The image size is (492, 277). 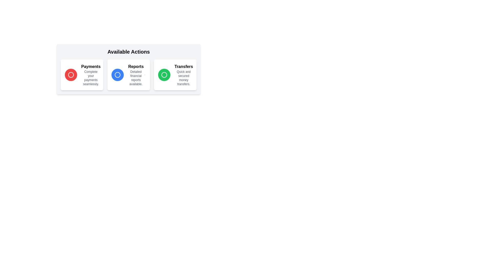 I want to click on the green circular button with a white border and a circular icon in its center, which represents the 'Transfers' box located in the third box from the left in a horizontal list, so click(x=164, y=75).